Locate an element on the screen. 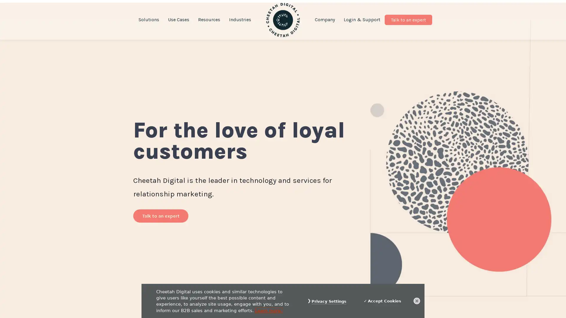  Accept Cookies is located at coordinates (382, 301).